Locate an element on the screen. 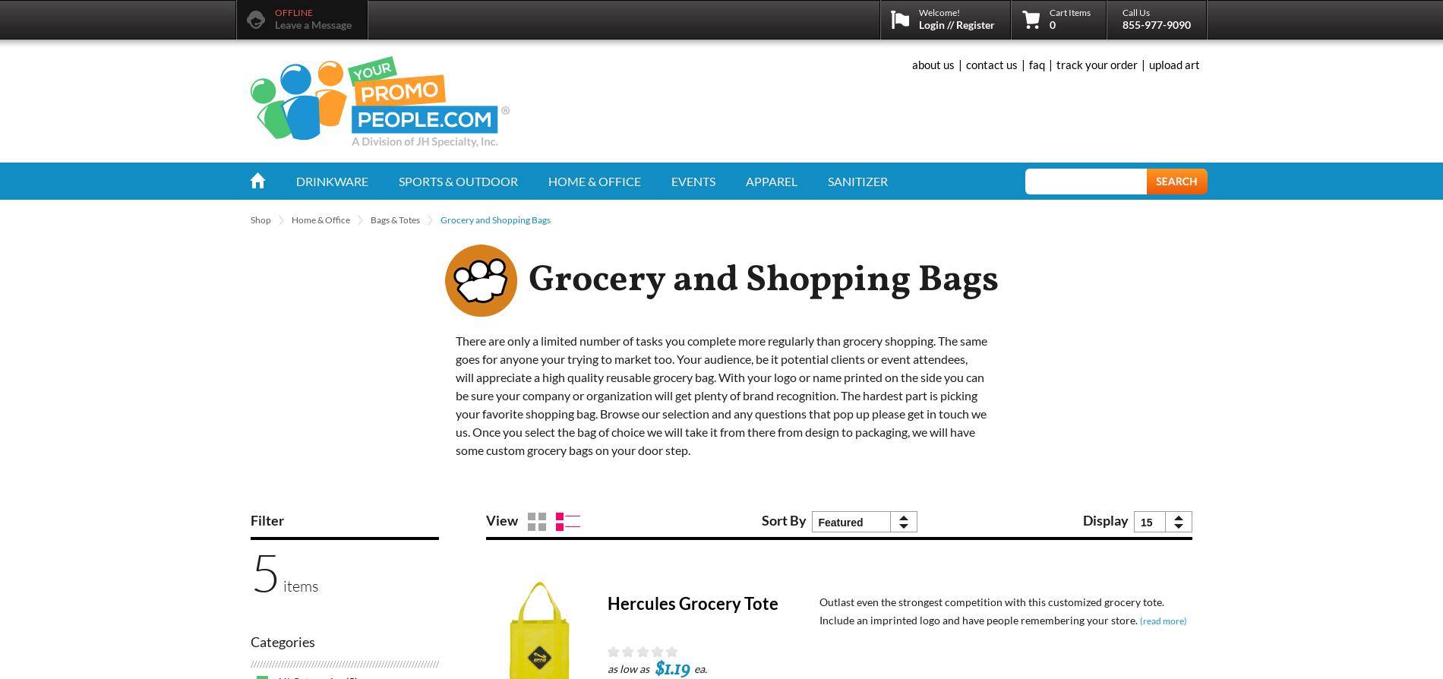  'Home & Office' is located at coordinates (320, 219).